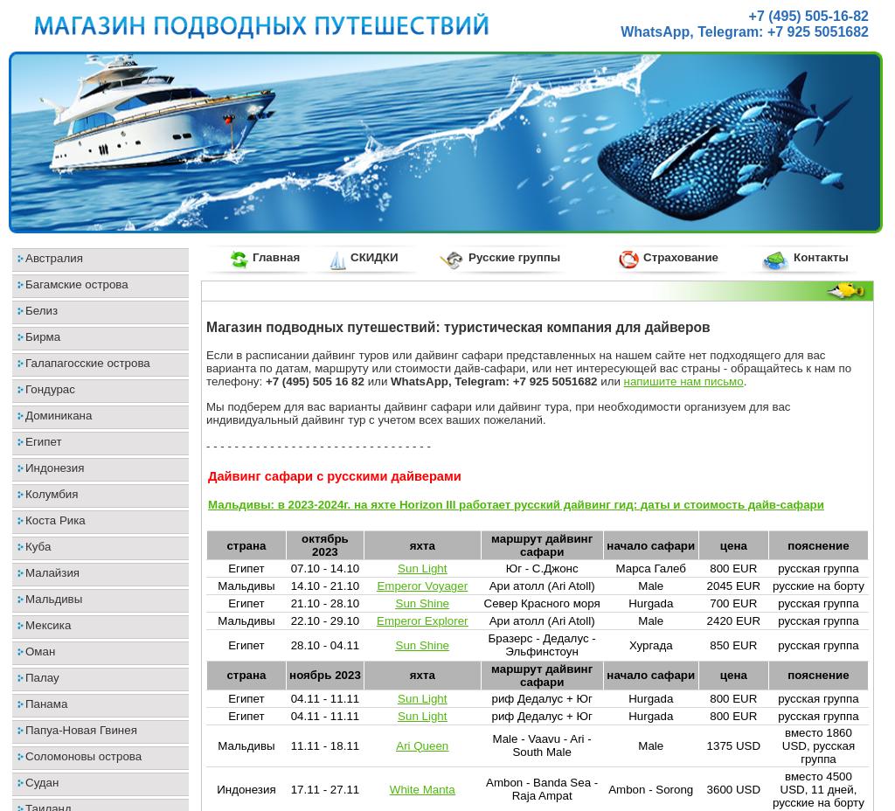 The height and width of the screenshot is (811, 895). I want to click on '2420 EUR', so click(732, 620).